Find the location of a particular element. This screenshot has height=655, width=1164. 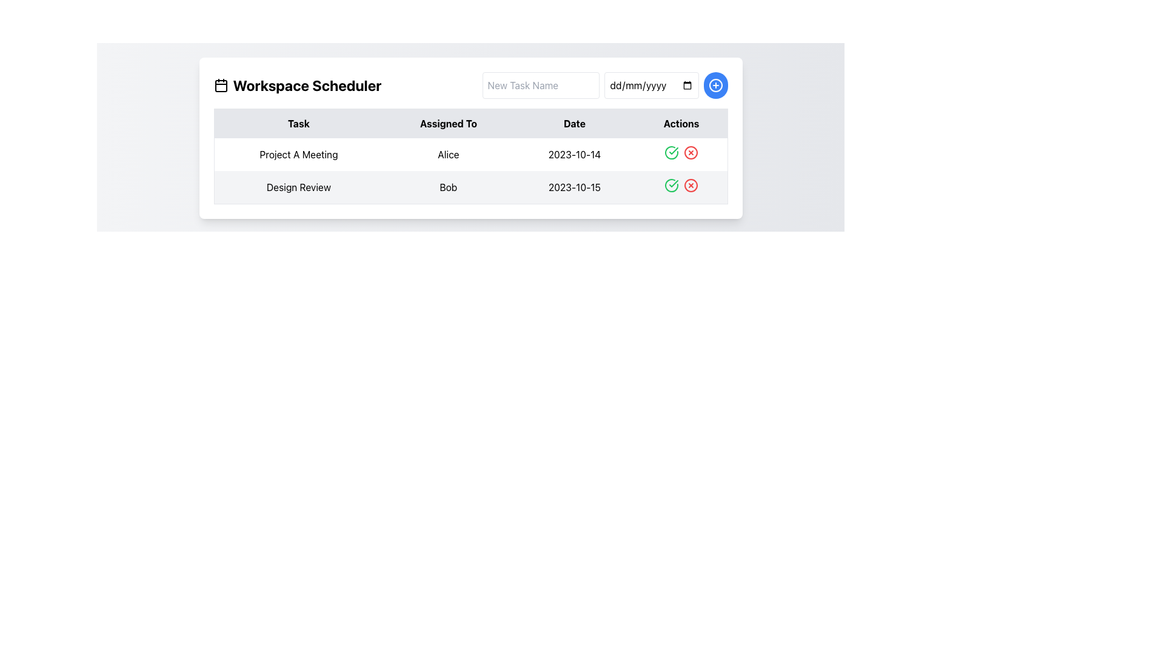

the second row in the table that provides information about the 'Design Review' task is located at coordinates (470, 187).